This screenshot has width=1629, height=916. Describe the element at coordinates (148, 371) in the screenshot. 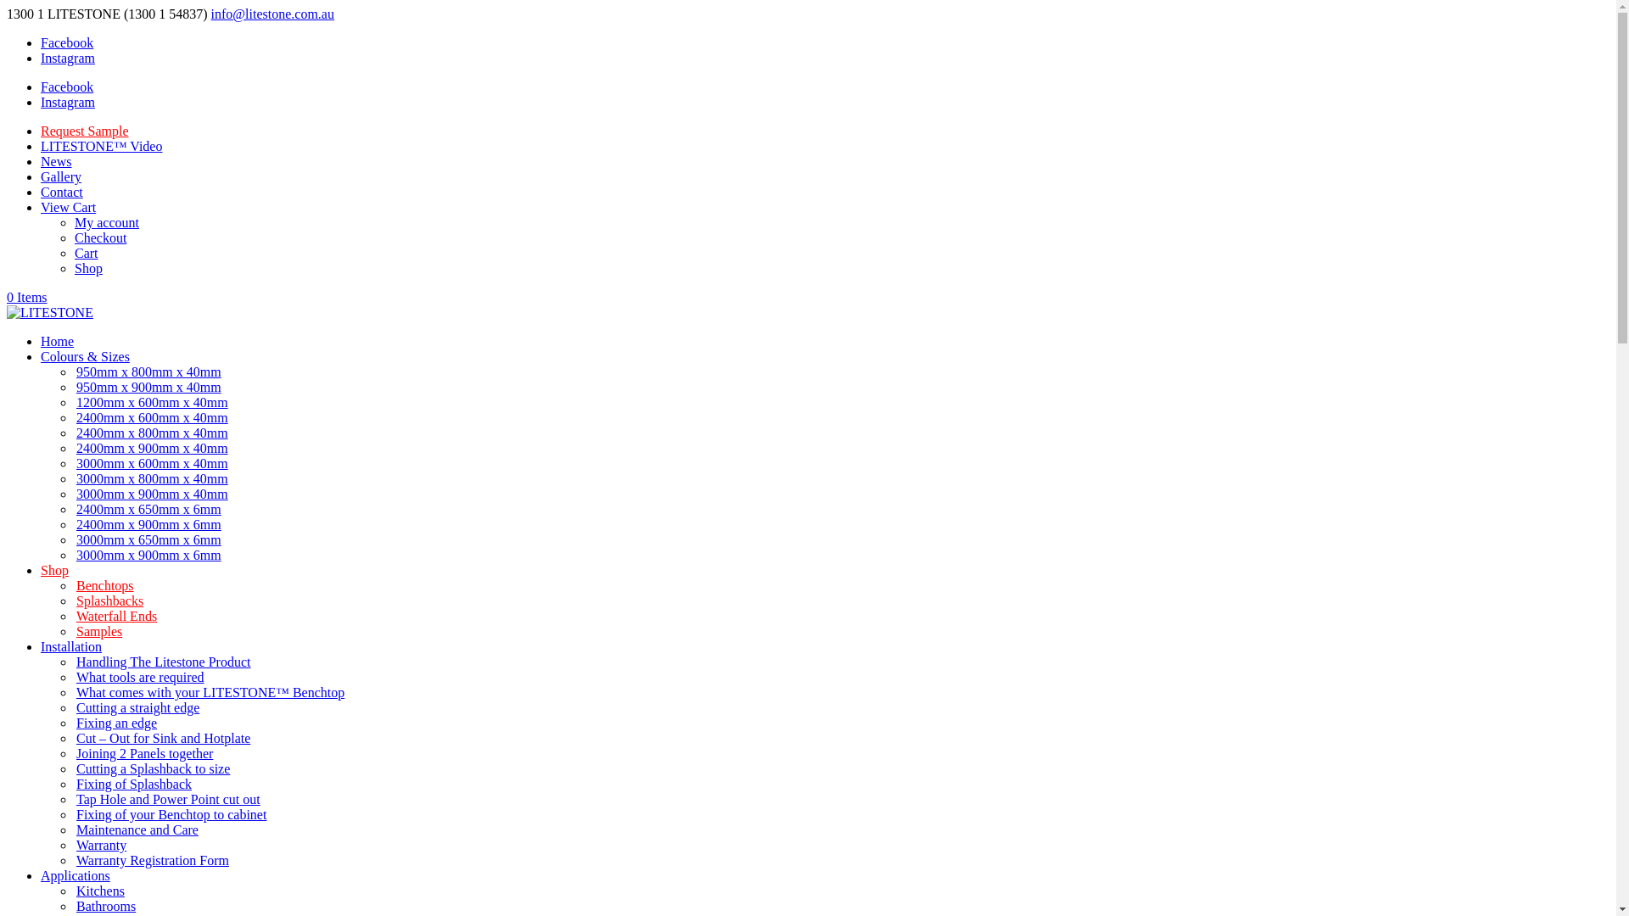

I see `'950mm x 800mm x 40mm'` at that location.